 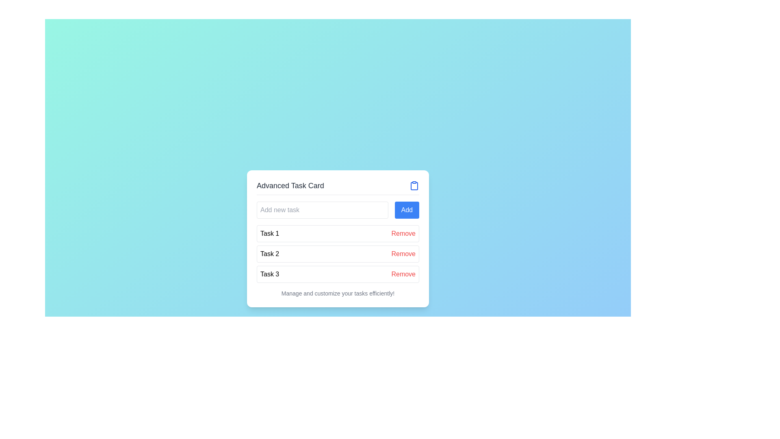 What do you see at coordinates (403, 274) in the screenshot?
I see `the remove button located in the third row of the task list, adjacent to the text 'Task 3'` at bounding box center [403, 274].